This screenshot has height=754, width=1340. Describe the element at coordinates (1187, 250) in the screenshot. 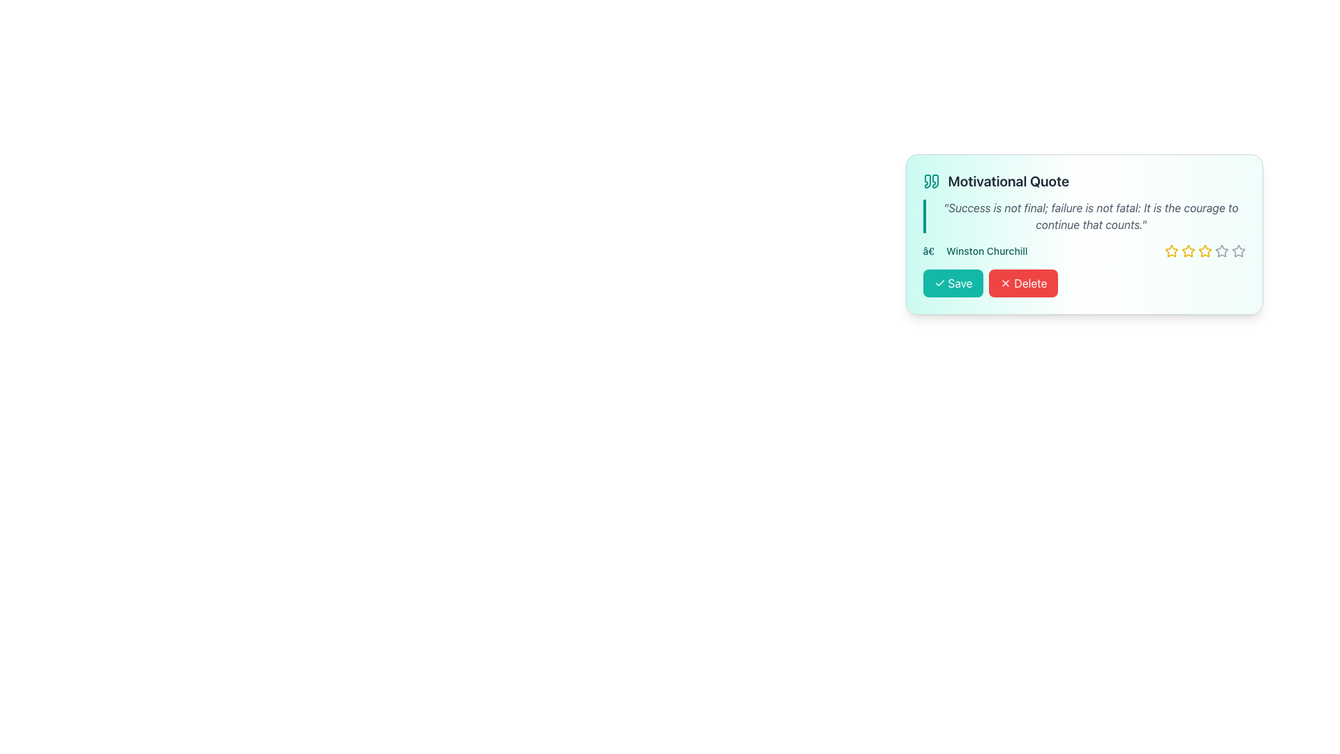

I see `the second star in the row of five stars located in the bottom-right section of the card containing the quote and buttons` at that location.